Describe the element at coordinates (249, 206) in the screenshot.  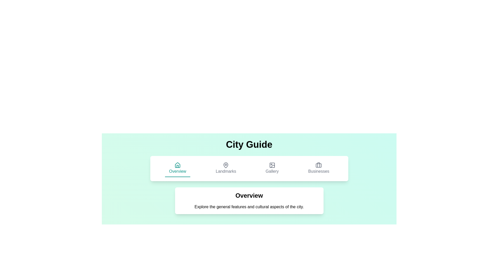
I see `descriptive text label located below the 'Overview' header that states 'Explore the general features and cultural aspects of the city.'` at that location.